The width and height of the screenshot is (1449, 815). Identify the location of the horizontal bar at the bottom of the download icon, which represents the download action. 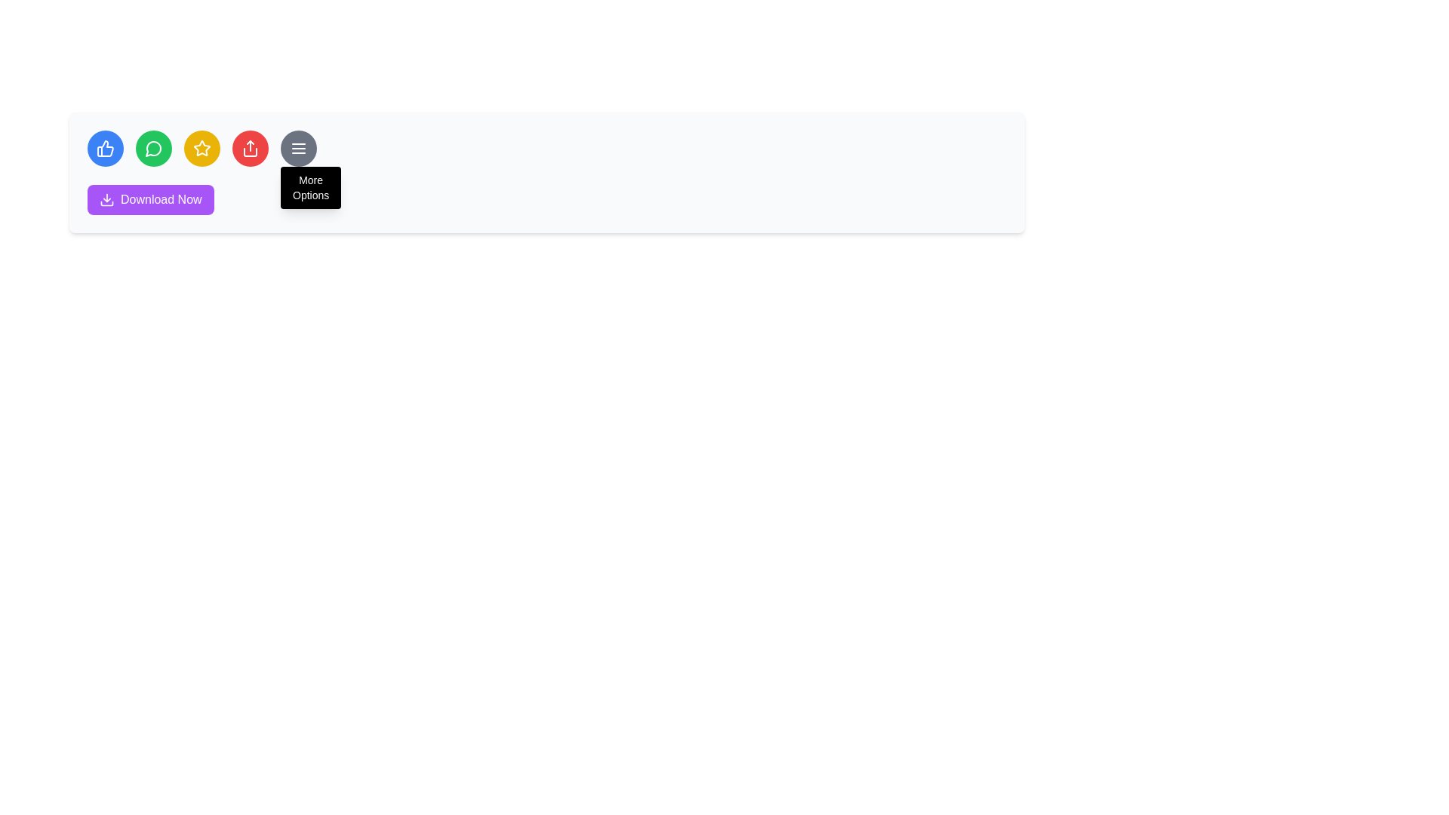
(106, 204).